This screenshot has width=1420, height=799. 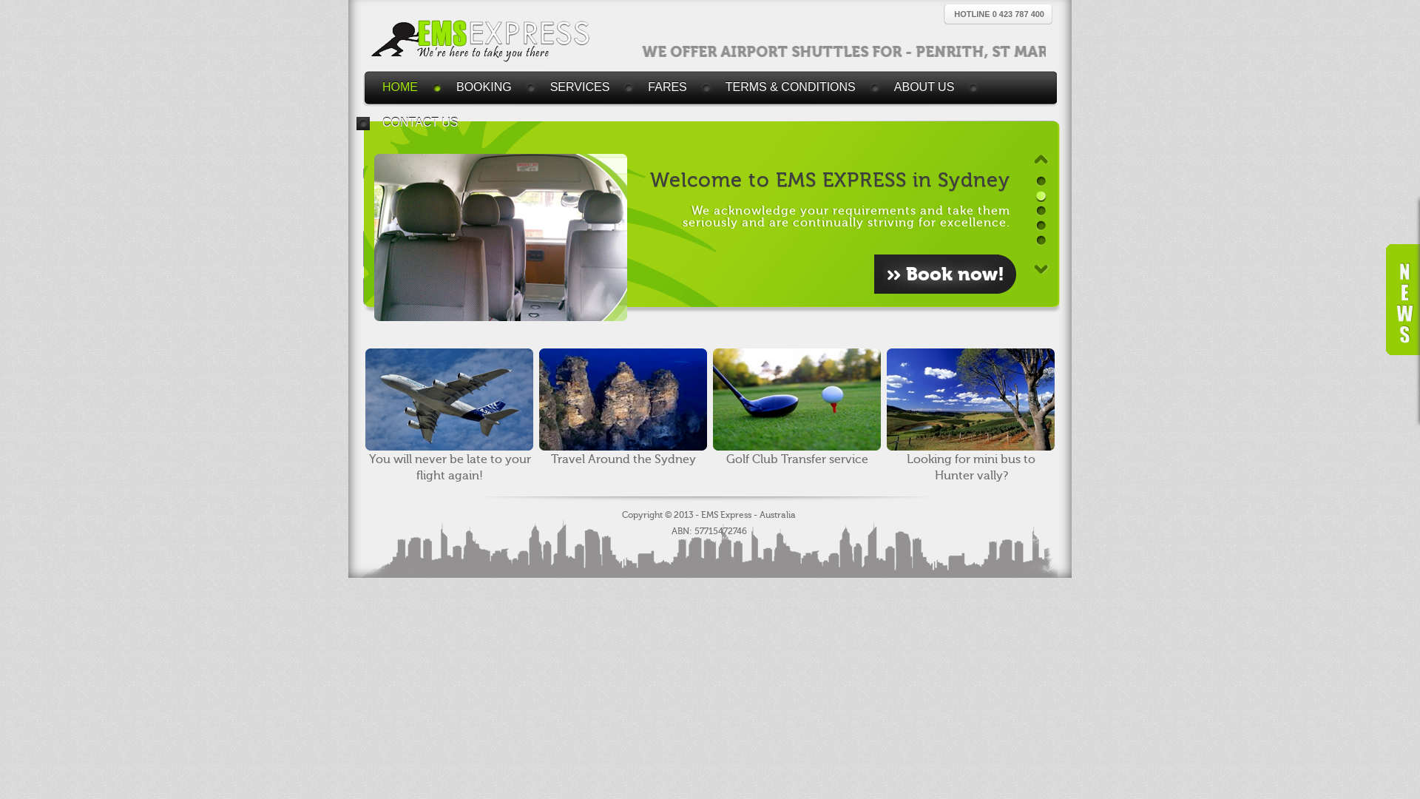 What do you see at coordinates (998, 14) in the screenshot?
I see `'HOTLINE 0 423 787 400'` at bounding box center [998, 14].